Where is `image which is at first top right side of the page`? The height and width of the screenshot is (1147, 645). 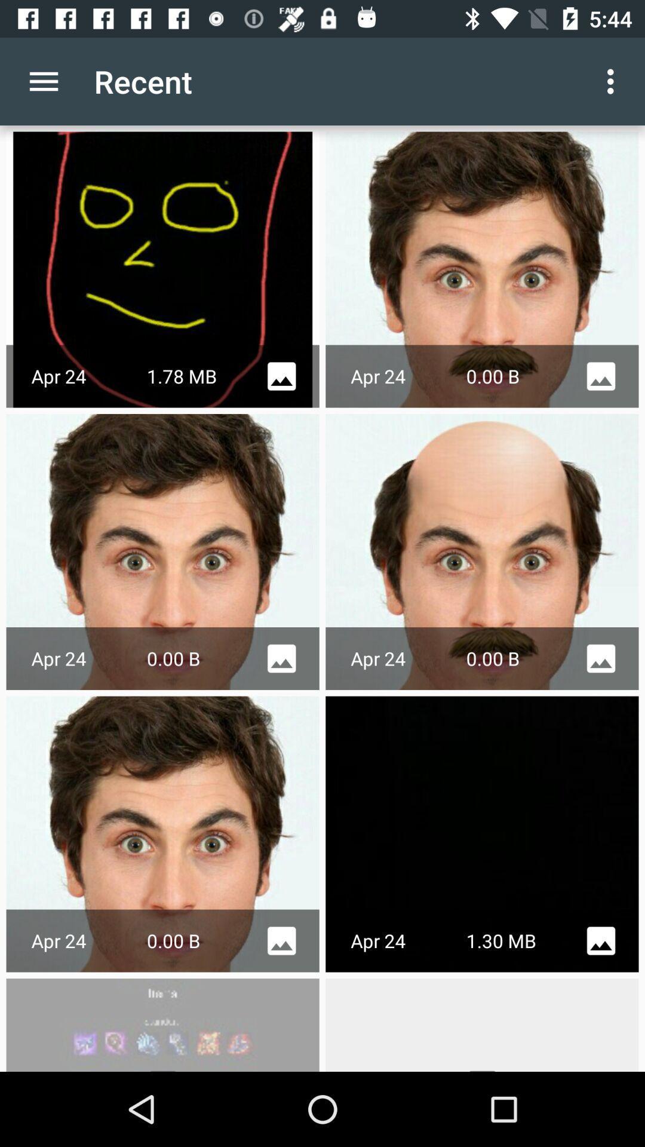
image which is at first top right side of the page is located at coordinates (481, 269).